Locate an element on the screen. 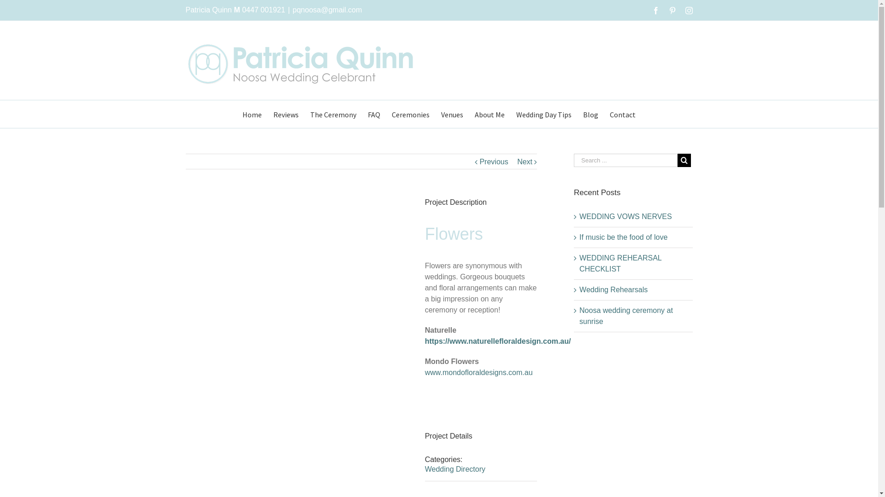  'Reviews' is located at coordinates (285, 113).